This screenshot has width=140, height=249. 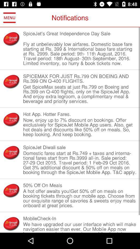 I want to click on item next to the spicejet s great icon, so click(x=11, y=38).